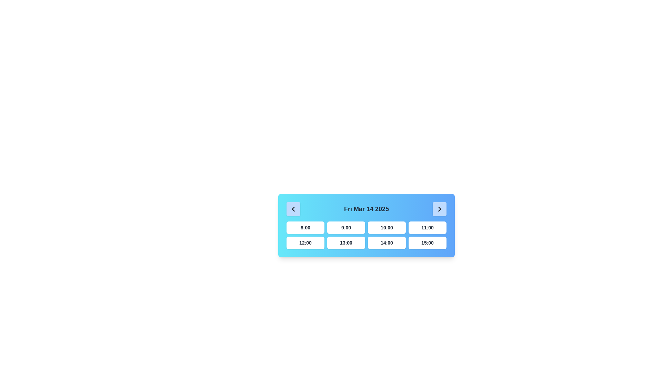 The image size is (662, 372). Describe the element at coordinates (387, 227) in the screenshot. I see `the time selection button labeled '10:00', which is a rectangular button with a white background and rounded corners, located in the top row of the grid layout between '9:00' and '11:00'` at that location.